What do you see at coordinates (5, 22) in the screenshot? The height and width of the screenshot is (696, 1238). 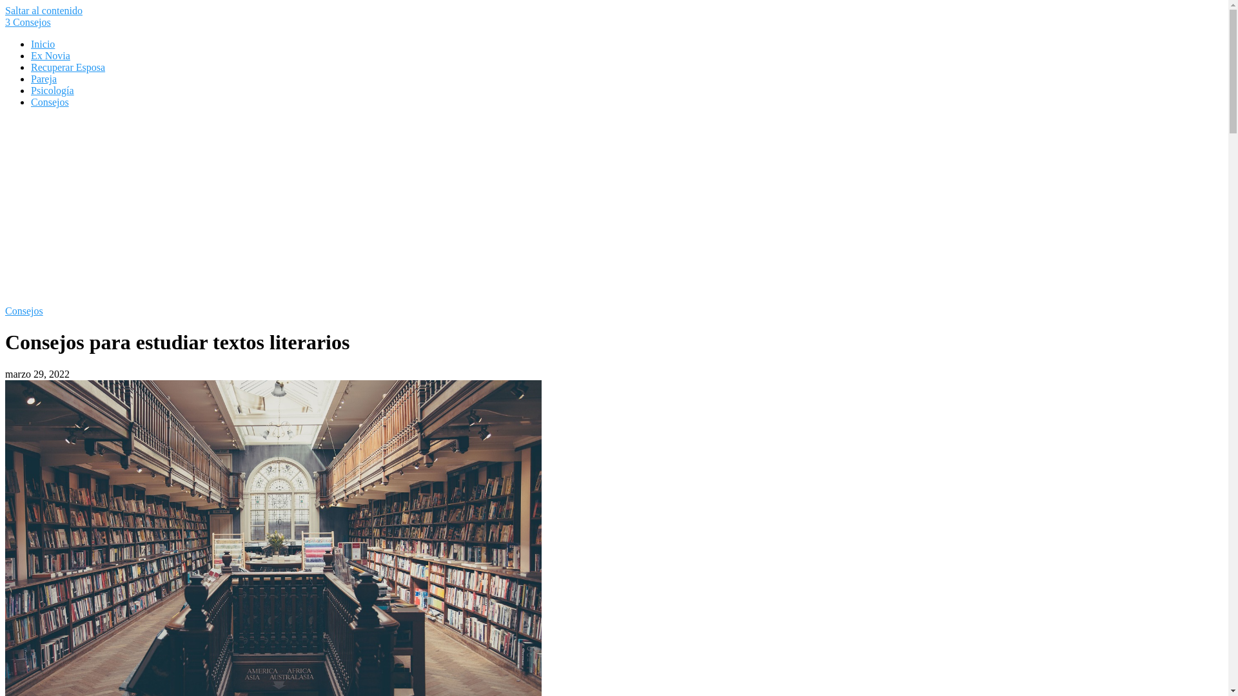 I see `'3 Consejos'` at bounding box center [5, 22].